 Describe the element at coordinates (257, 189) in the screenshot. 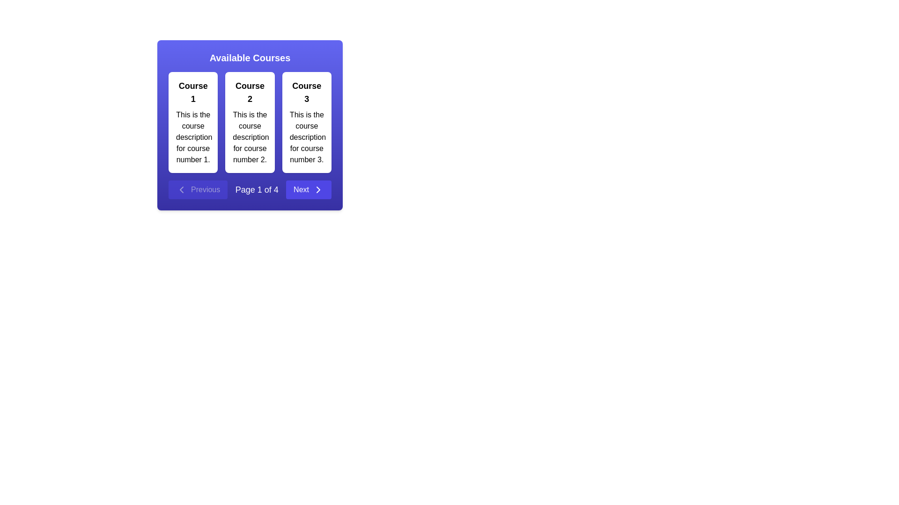

I see `the label displaying 'Page 1 of 4' which is part of the navigation bar at the bottom of the main card` at that location.